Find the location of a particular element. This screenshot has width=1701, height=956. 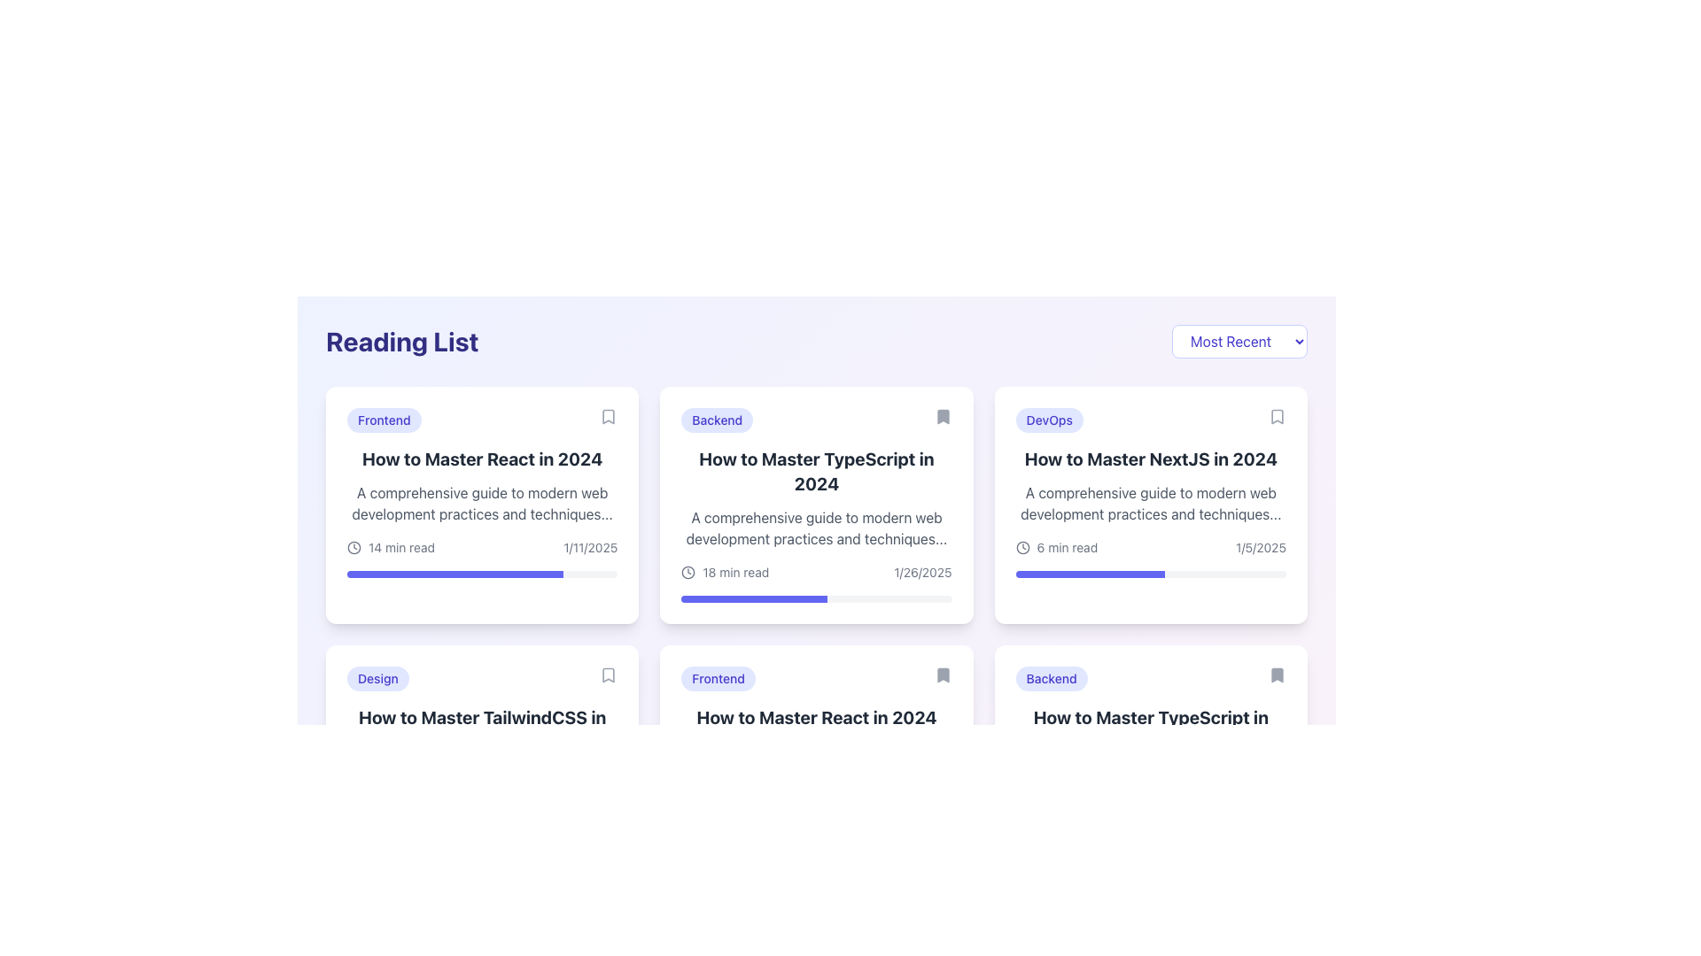

the progress visually indicated on the horizontal progress bar with a gray background and indigo fill, located at the bottom of the frame within the card titled 'How to Master NextJS in 2024' is located at coordinates (1151, 574).